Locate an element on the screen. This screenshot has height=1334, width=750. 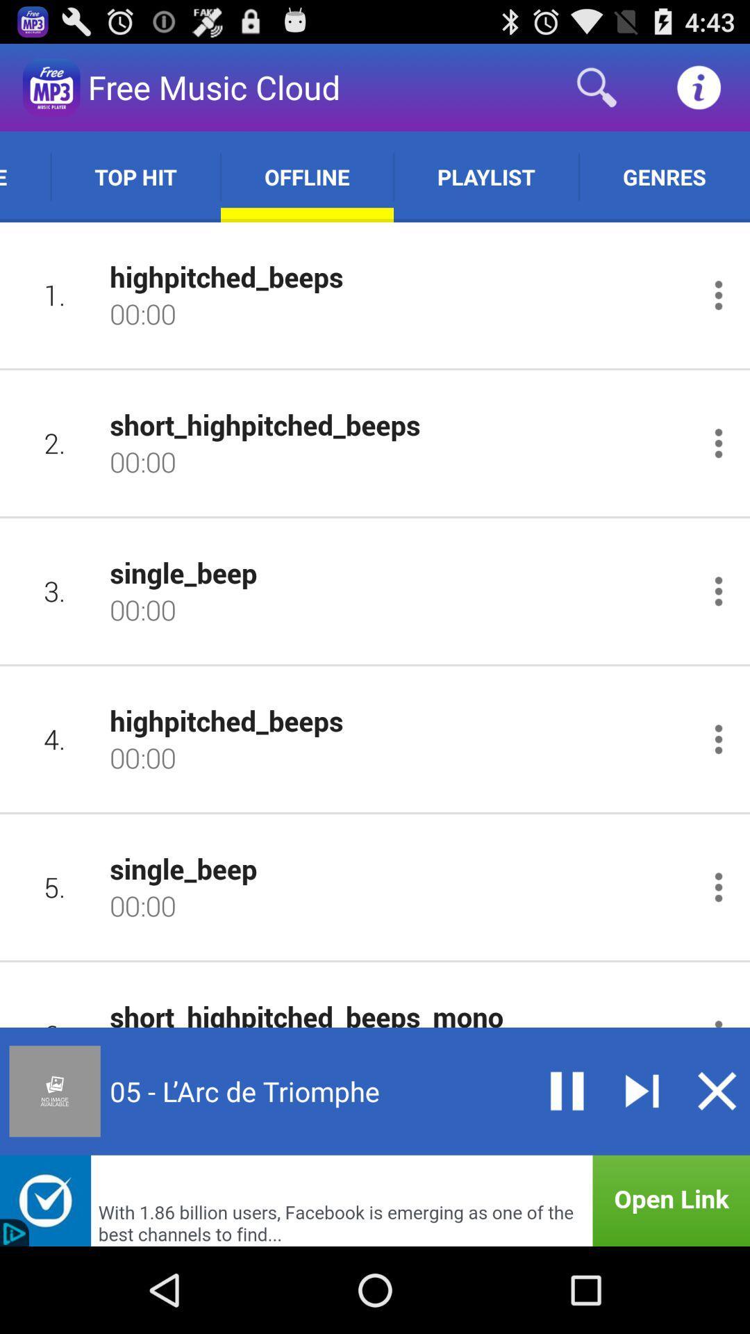
next song is located at coordinates (642, 1090).